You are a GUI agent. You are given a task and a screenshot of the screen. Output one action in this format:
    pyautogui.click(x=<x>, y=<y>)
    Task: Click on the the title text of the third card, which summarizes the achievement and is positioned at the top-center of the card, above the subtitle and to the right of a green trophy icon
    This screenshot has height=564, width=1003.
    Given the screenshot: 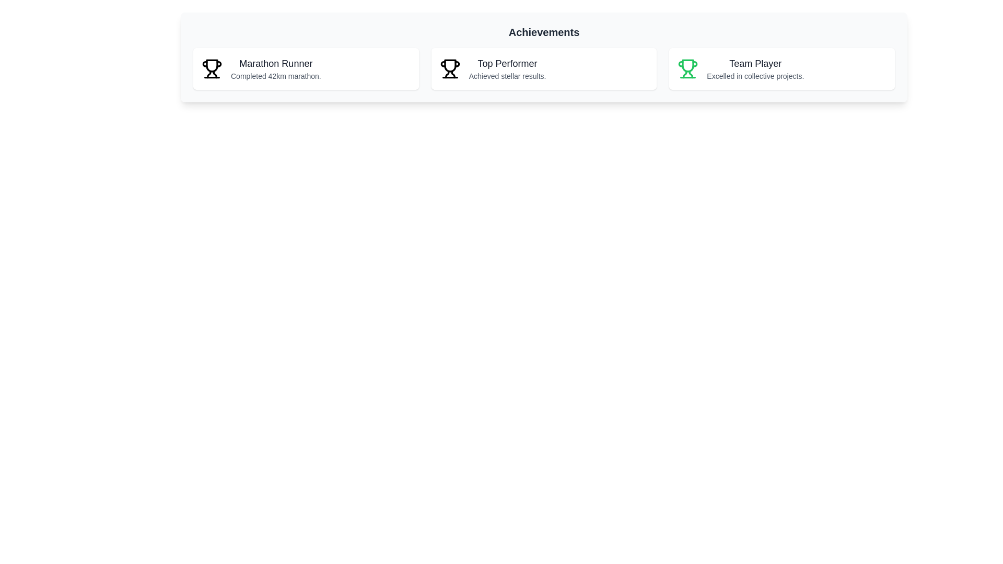 What is the action you would take?
    pyautogui.click(x=755, y=64)
    